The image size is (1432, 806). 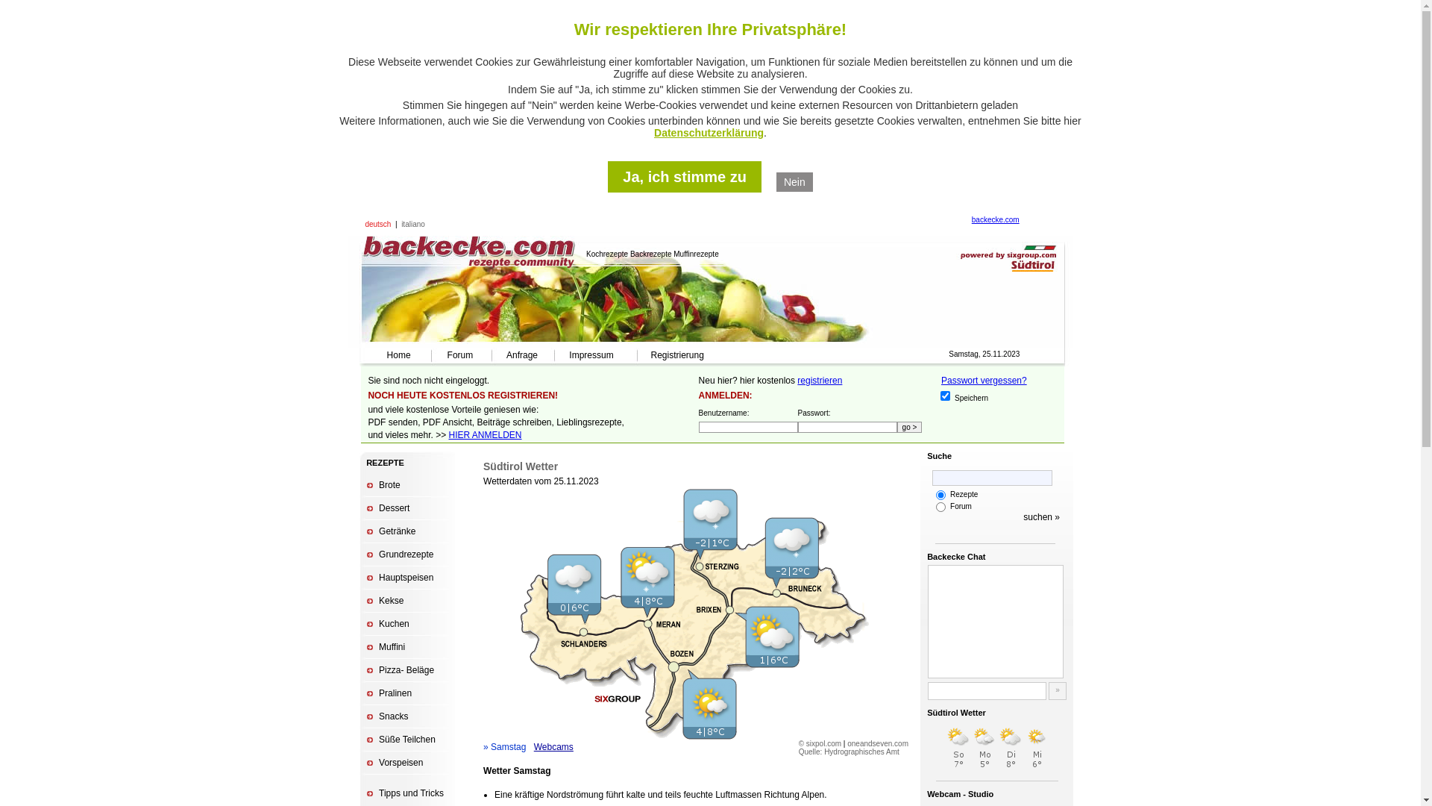 What do you see at coordinates (406, 554) in the screenshot?
I see `'Grundrezepte'` at bounding box center [406, 554].